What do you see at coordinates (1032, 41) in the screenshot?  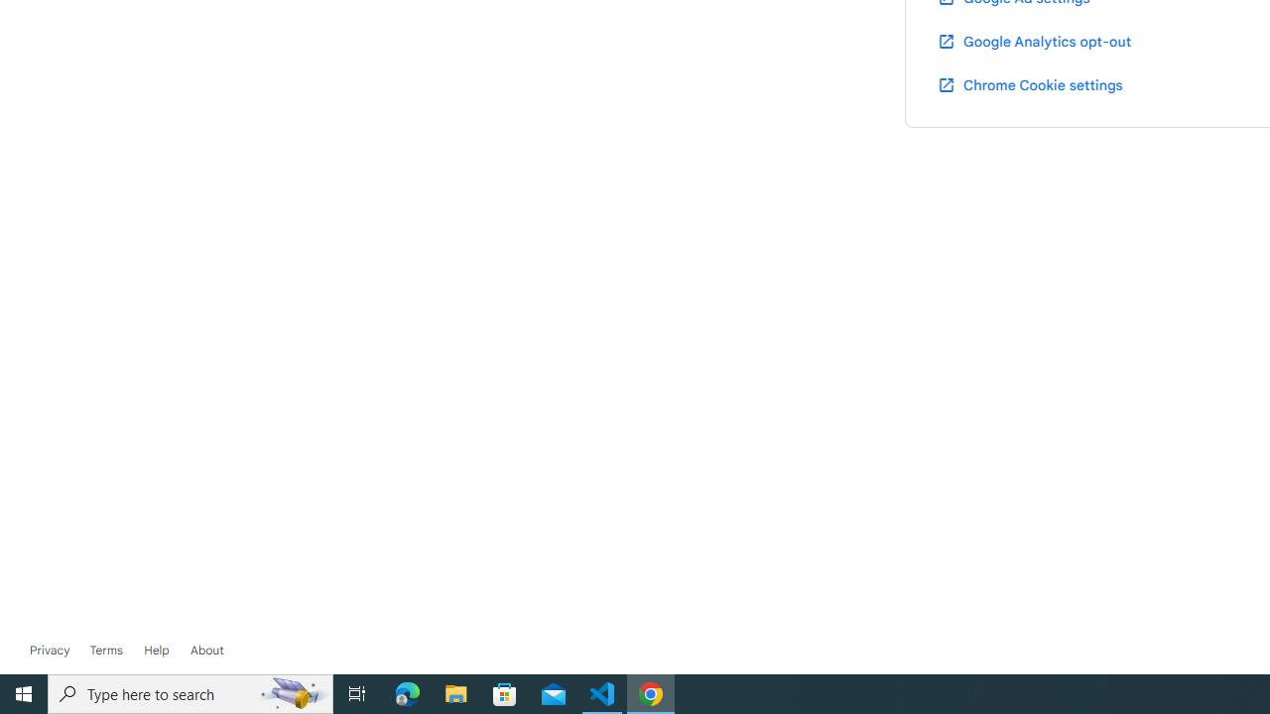 I see `'Google Analytics opt-out'` at bounding box center [1032, 41].